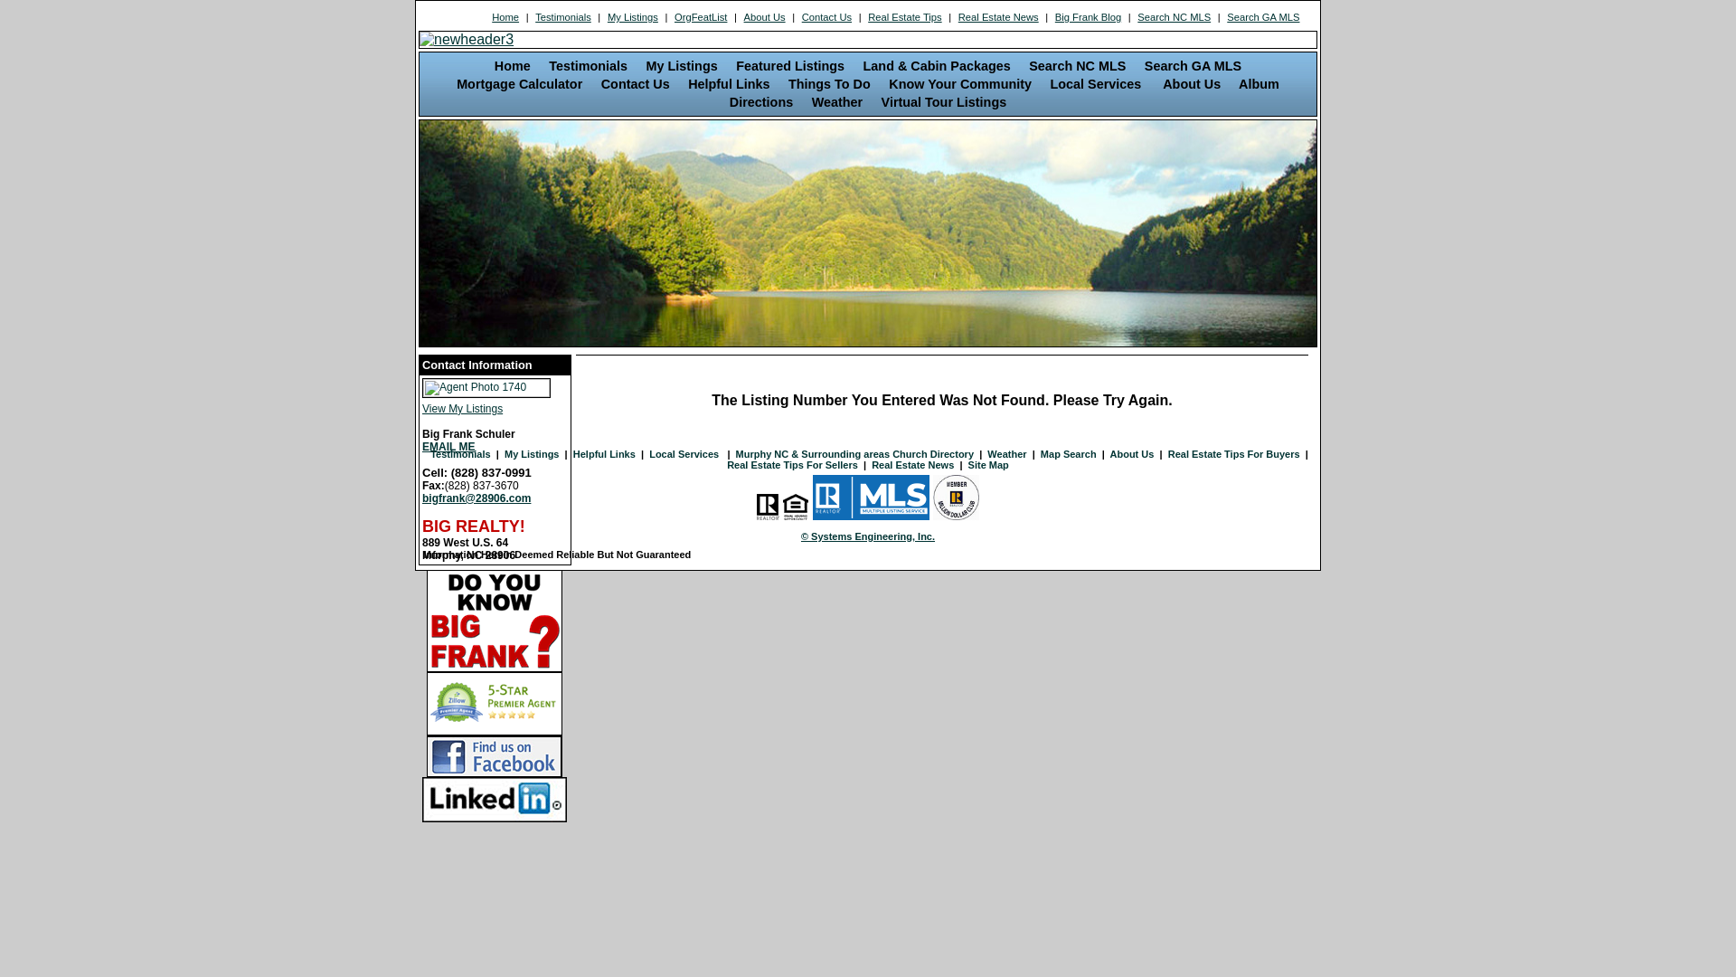 This screenshot has width=1736, height=977. I want to click on 'Land & Cabin Packages', so click(863, 65).